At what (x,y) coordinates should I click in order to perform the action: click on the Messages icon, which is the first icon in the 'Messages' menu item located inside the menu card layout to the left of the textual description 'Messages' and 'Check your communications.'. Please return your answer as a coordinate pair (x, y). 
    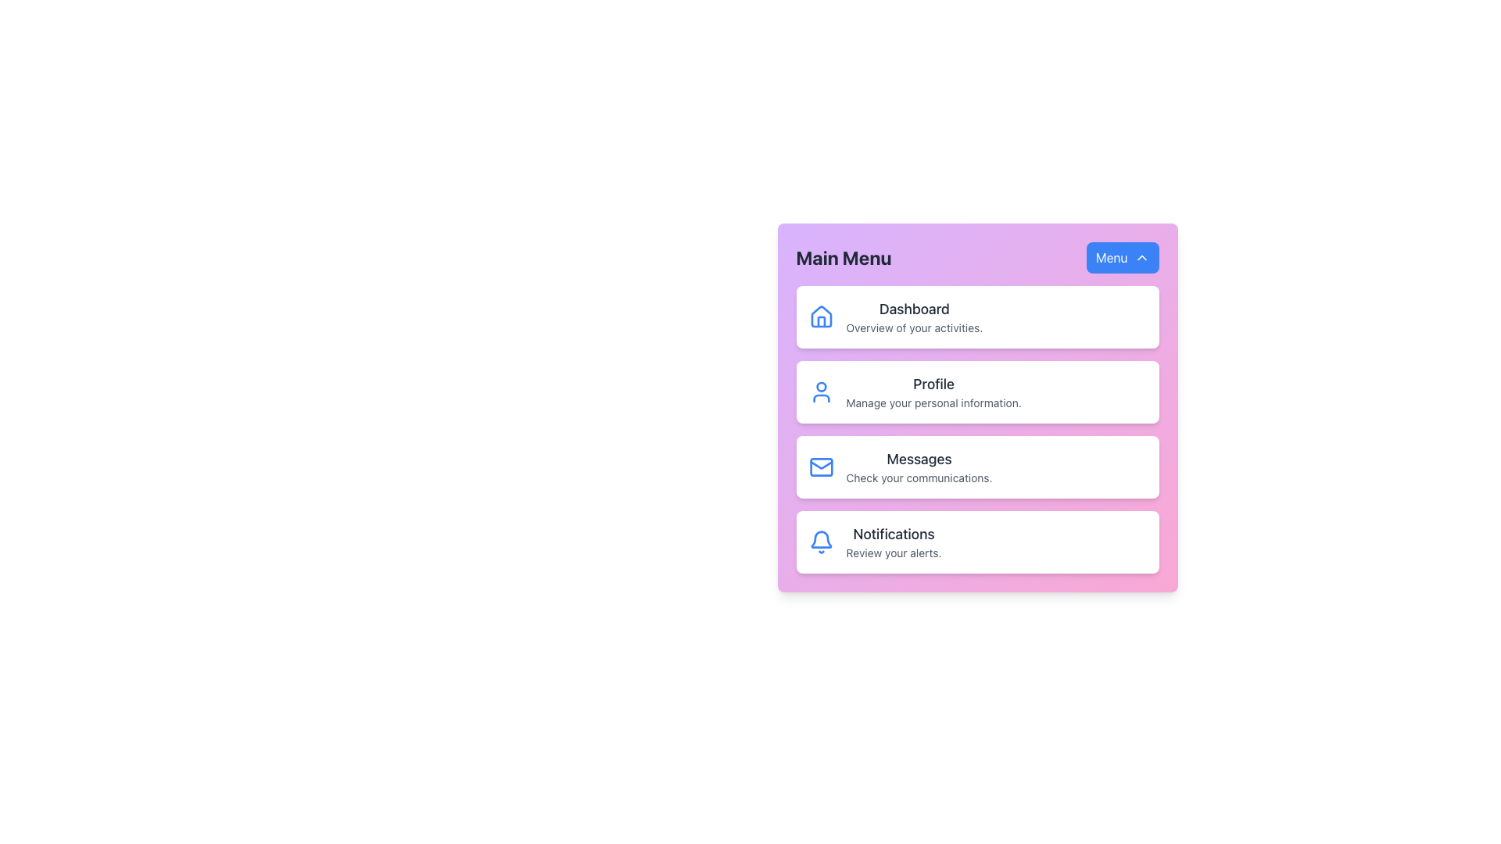
    Looking at the image, I should click on (820, 466).